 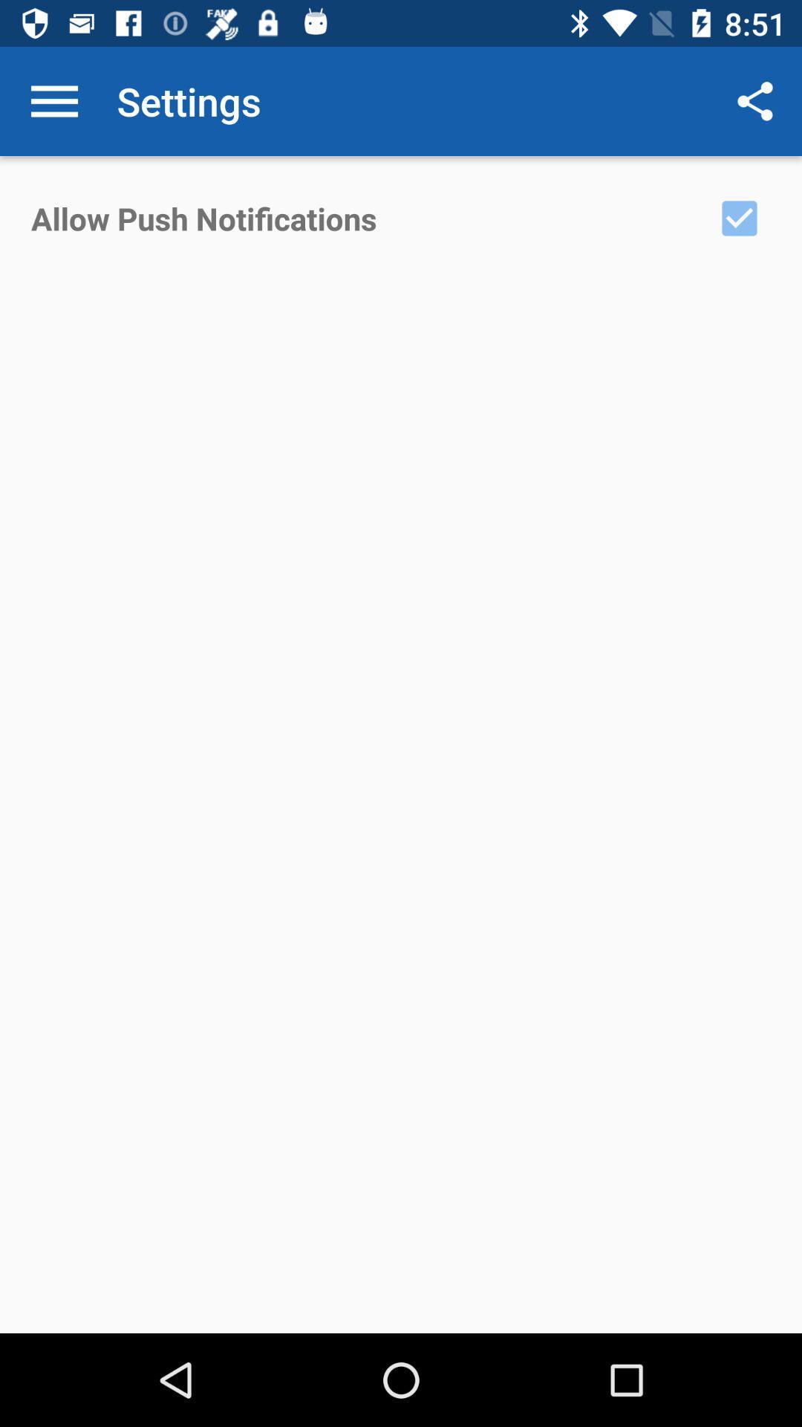 I want to click on toggles notifications, so click(x=739, y=217).